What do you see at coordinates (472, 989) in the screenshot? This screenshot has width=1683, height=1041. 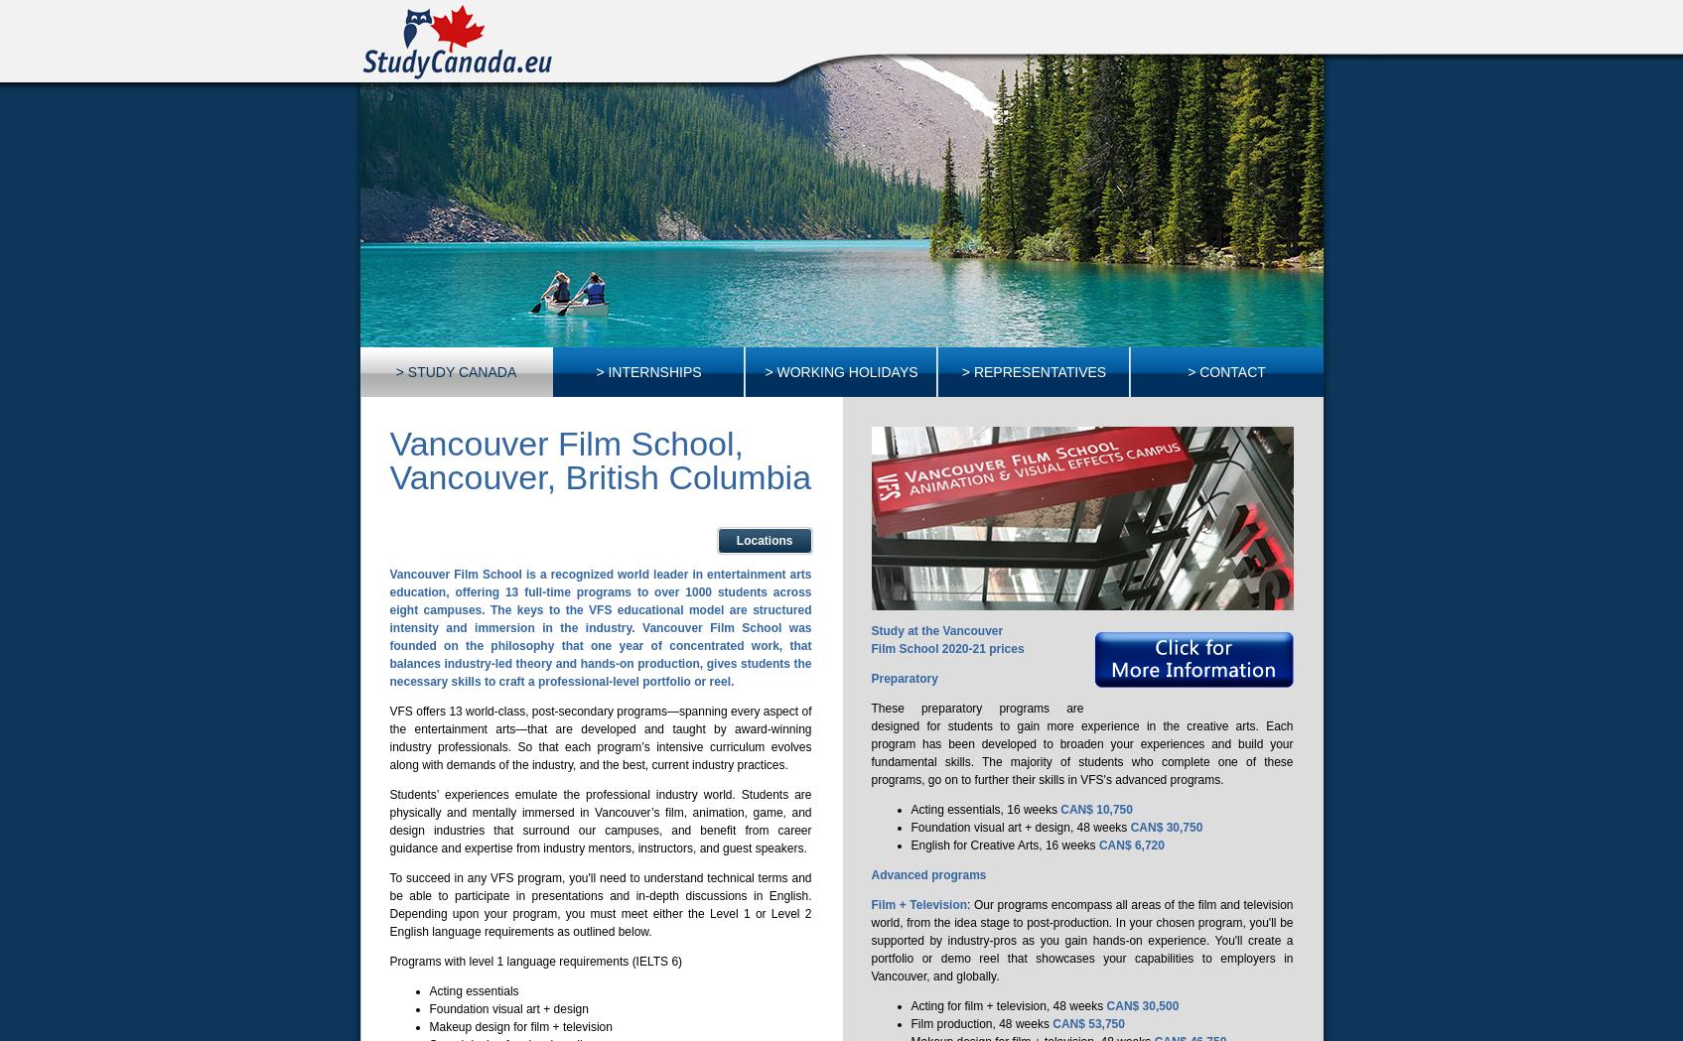 I see `'Acting essentials'` at bounding box center [472, 989].